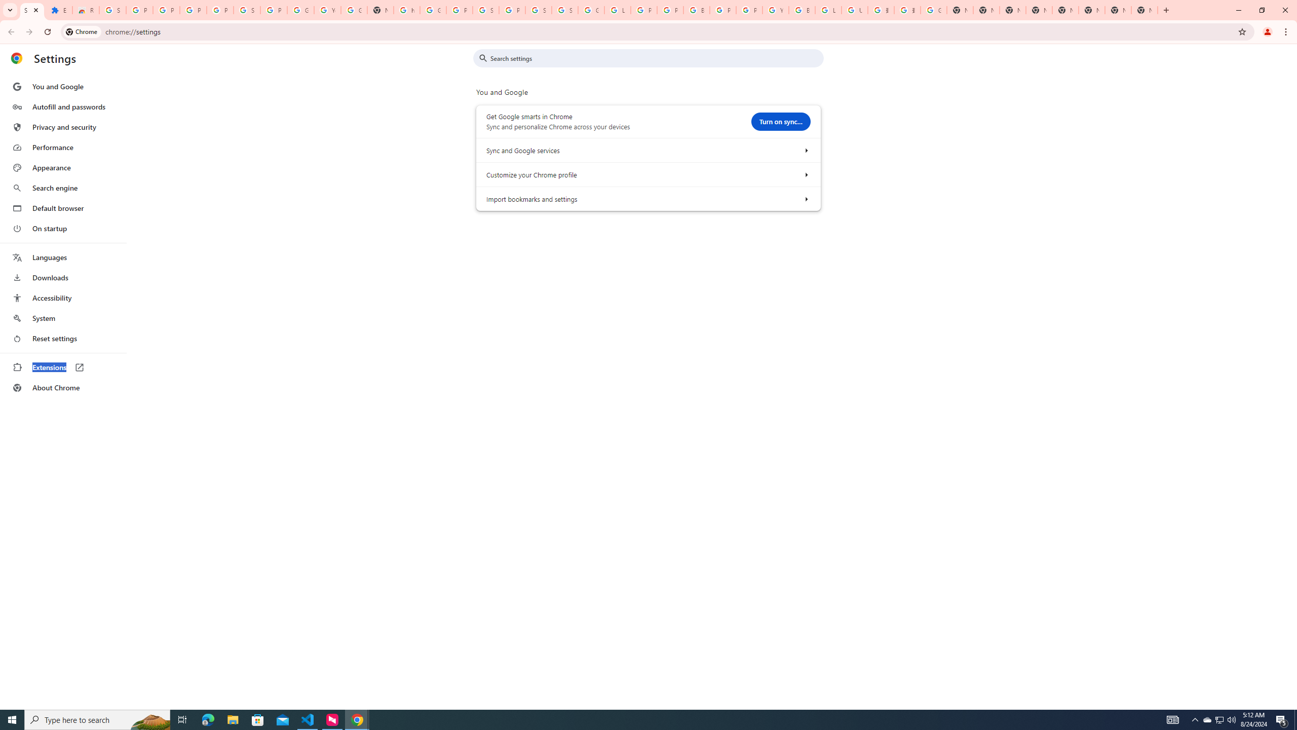 Image resolution: width=1297 pixels, height=730 pixels. Describe the element at coordinates (300, 10) in the screenshot. I see `'Google Account'` at that location.